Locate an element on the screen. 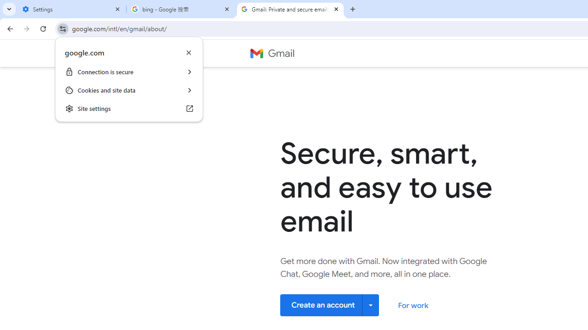 This screenshot has width=588, height=330. 'Connection is secure ' is located at coordinates (129, 71).